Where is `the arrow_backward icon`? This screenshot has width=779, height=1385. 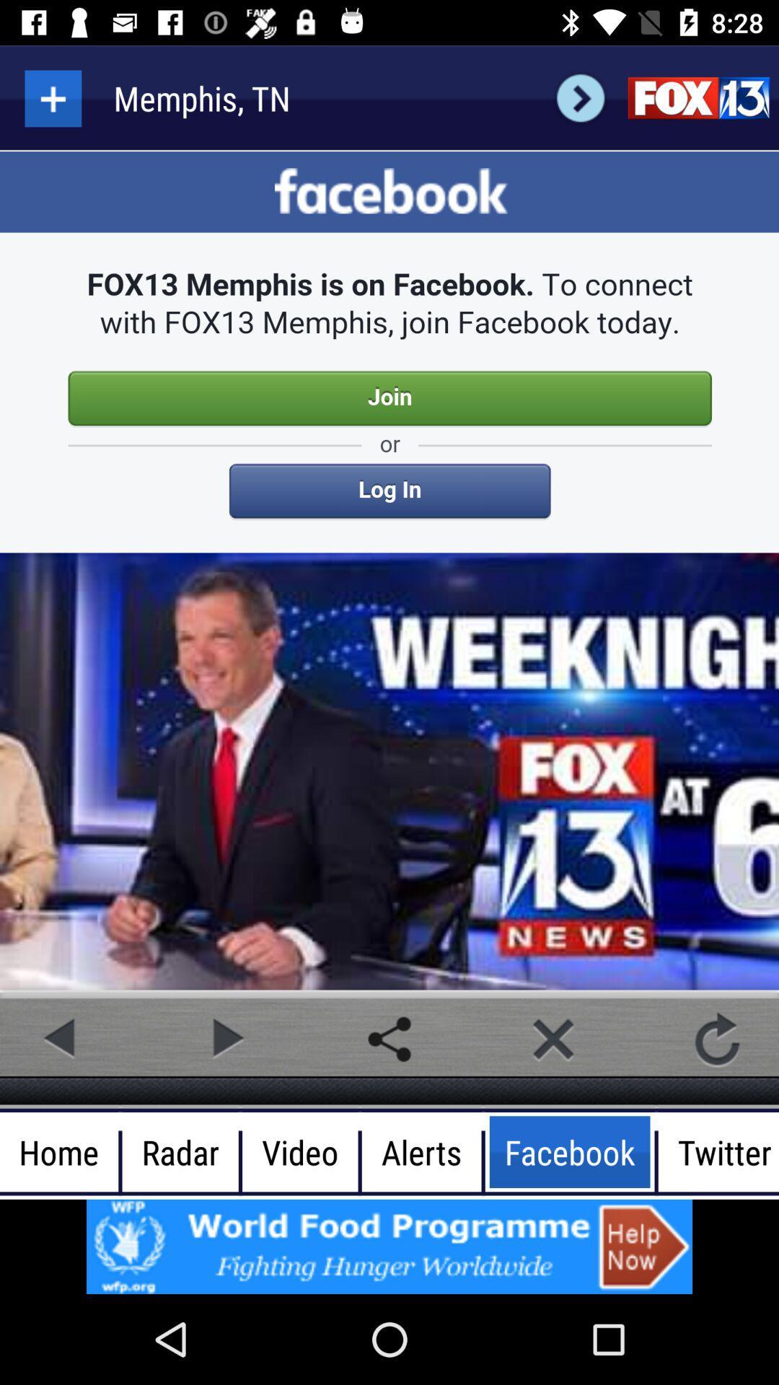 the arrow_backward icon is located at coordinates (61, 1039).